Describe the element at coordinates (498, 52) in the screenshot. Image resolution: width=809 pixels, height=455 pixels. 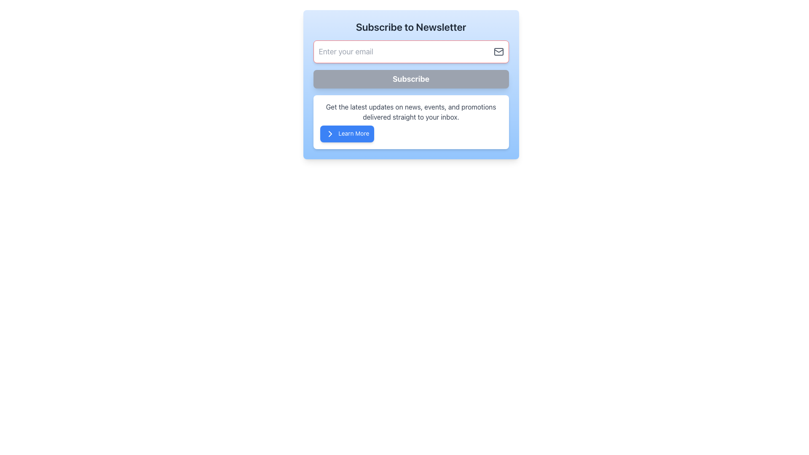
I see `the mail icon, which is an outlined envelope styled in gray, located on the right side of the email input field` at that location.